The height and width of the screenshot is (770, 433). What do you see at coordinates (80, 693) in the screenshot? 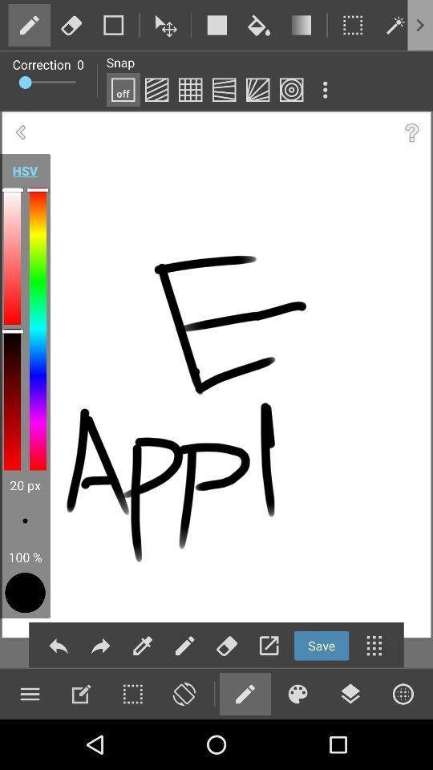
I see `edit option` at bounding box center [80, 693].